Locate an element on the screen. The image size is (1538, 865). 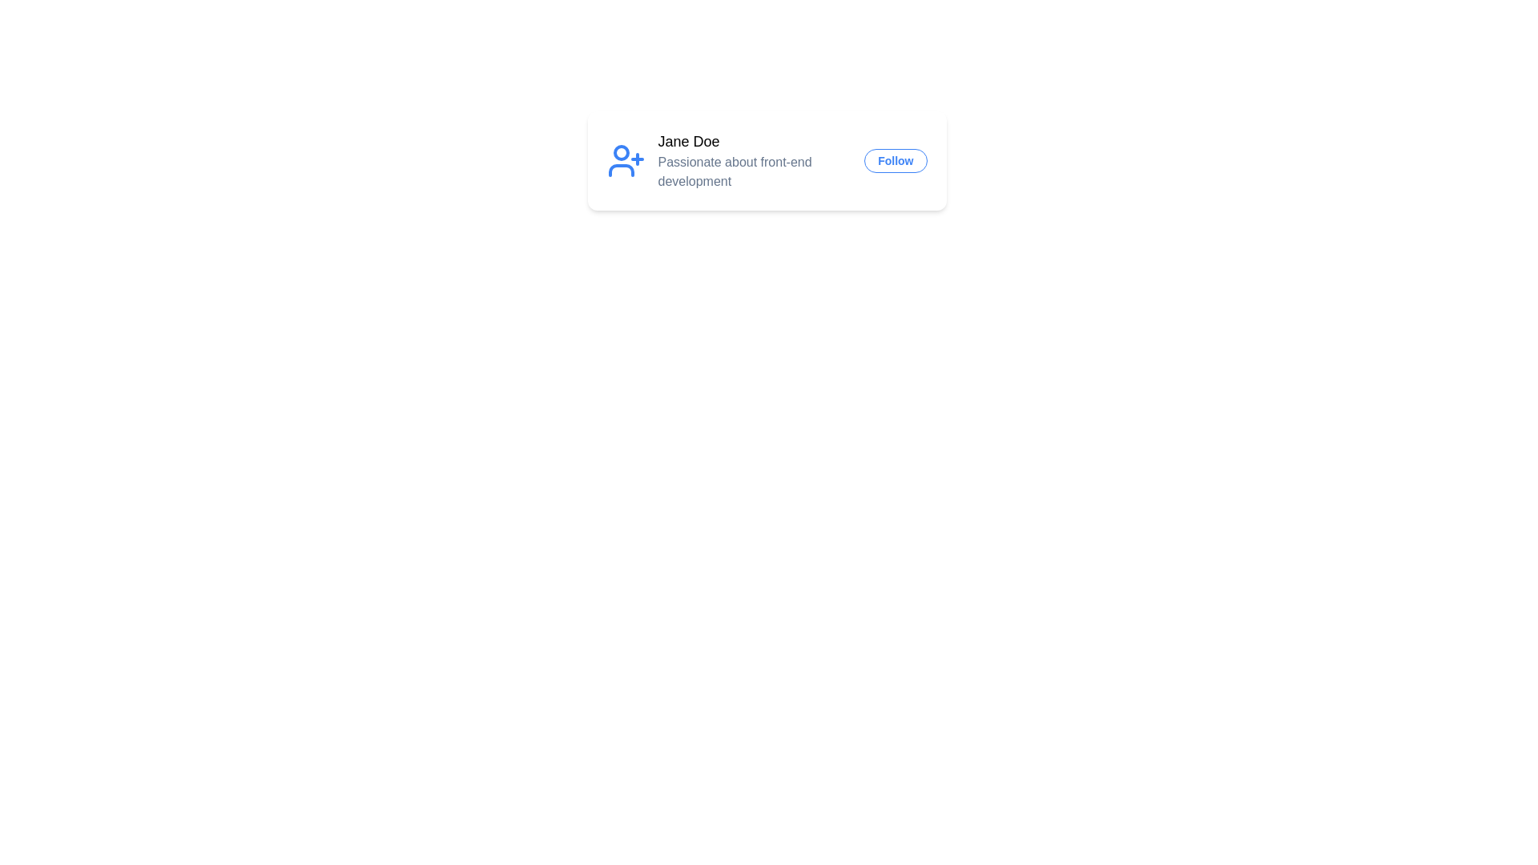
the circular graphical element representing a node within the SVG on the user information card is located at coordinates (620, 153).